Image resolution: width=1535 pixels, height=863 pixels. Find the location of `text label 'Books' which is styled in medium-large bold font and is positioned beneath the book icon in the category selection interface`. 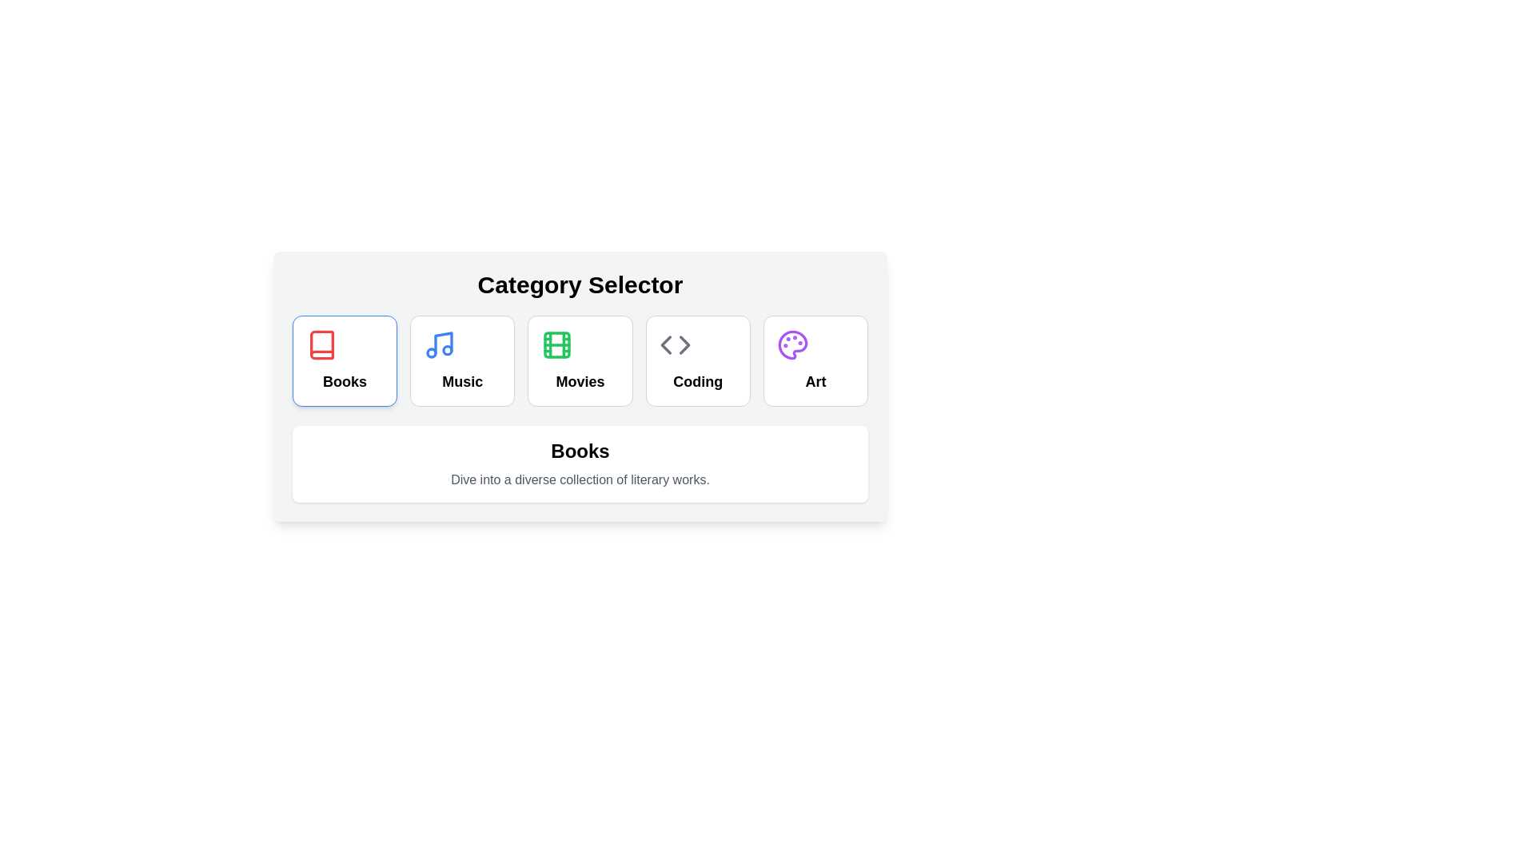

text label 'Books' which is styled in medium-large bold font and is positioned beneath the book icon in the category selection interface is located at coordinates (344, 382).